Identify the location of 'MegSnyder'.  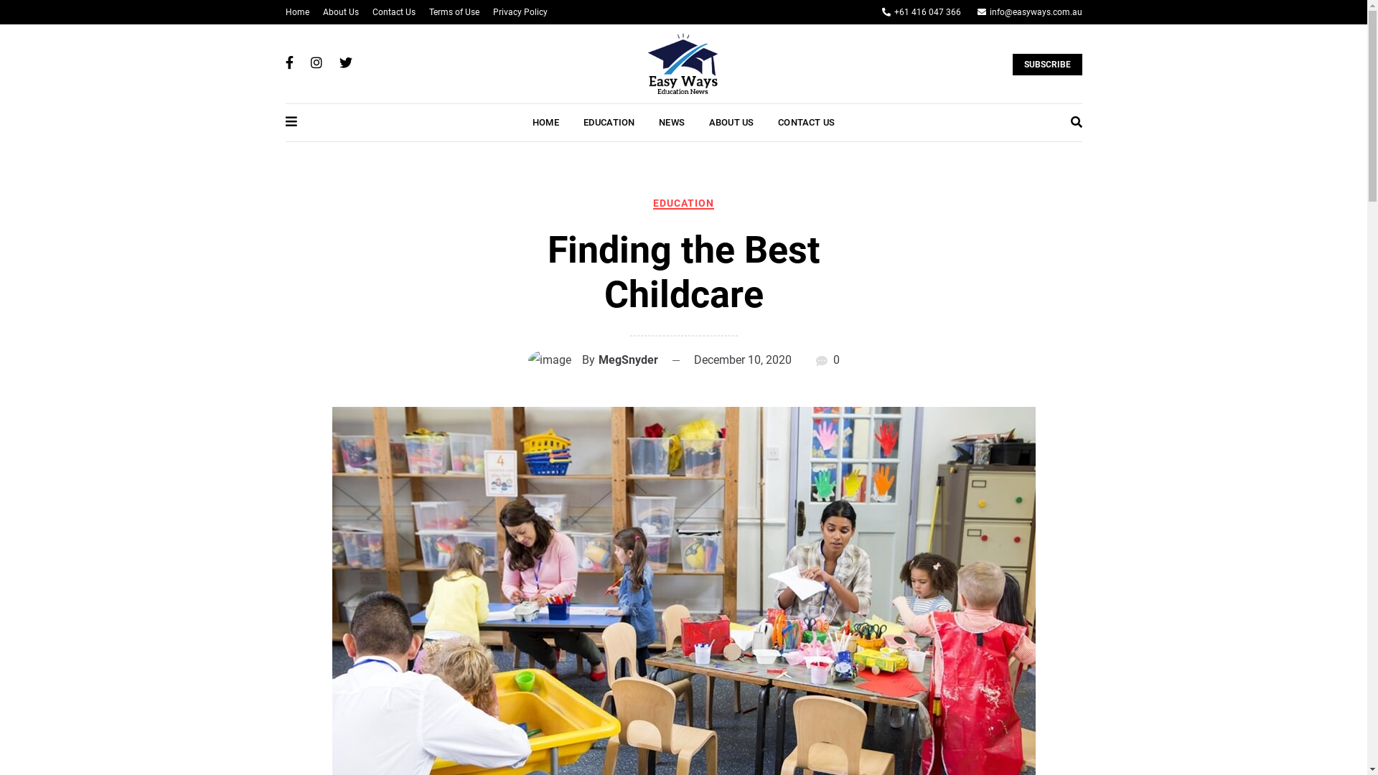
(628, 359).